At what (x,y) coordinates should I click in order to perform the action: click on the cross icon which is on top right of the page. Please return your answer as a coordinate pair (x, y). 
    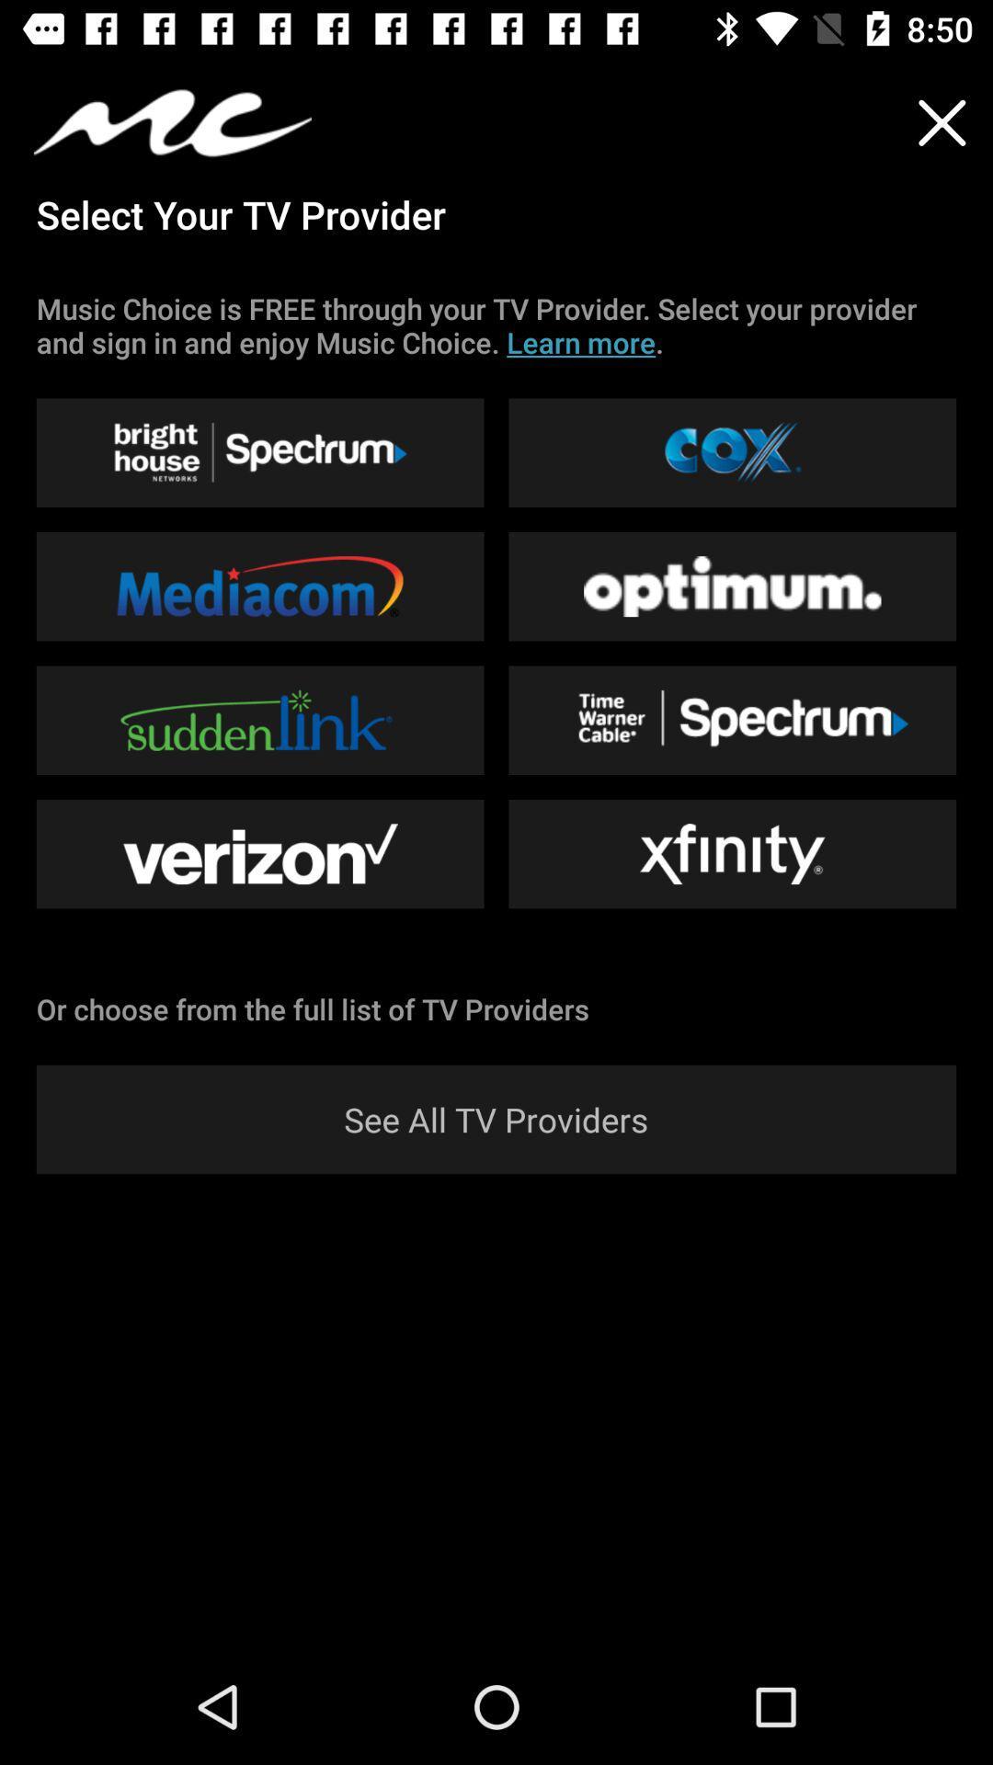
    Looking at the image, I should click on (942, 122).